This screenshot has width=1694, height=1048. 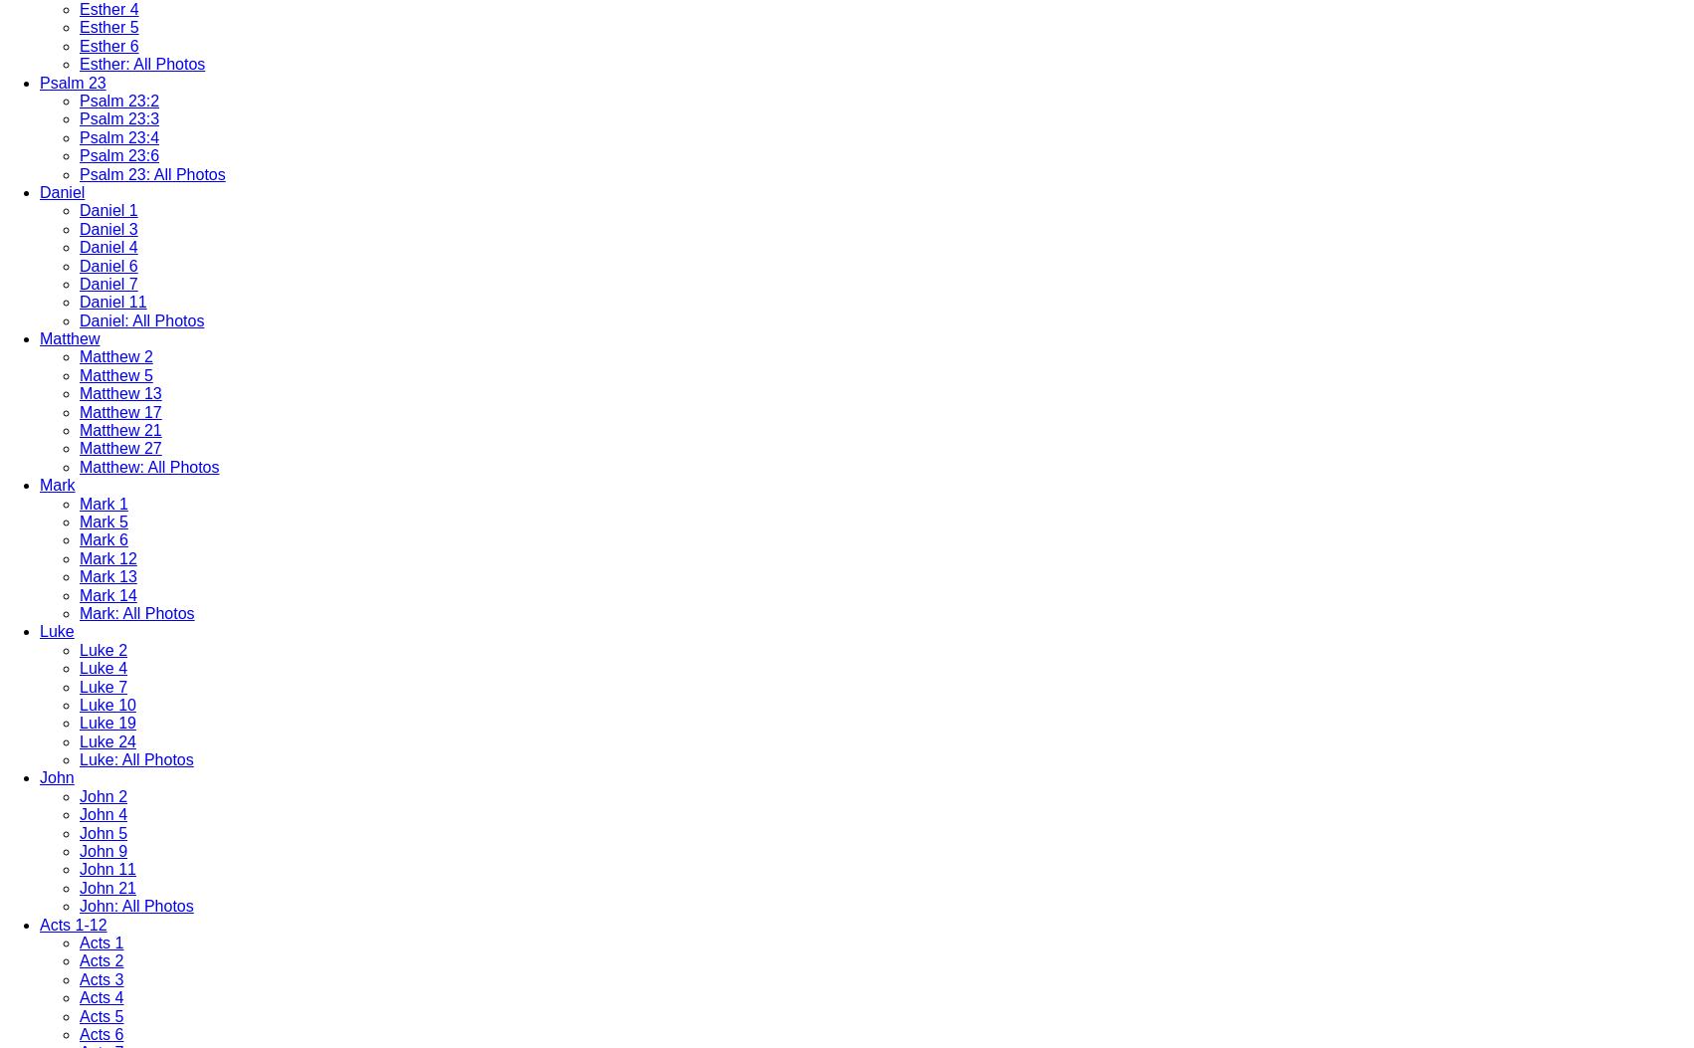 I want to click on 'Acts 2', so click(x=101, y=960).